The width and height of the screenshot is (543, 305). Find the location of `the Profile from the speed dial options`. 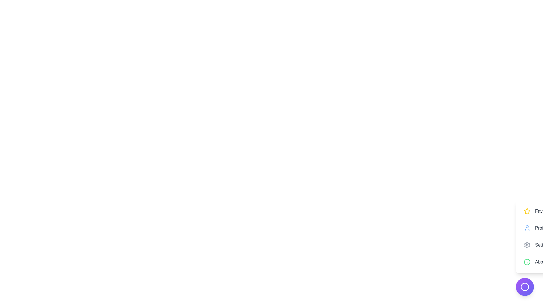

the Profile from the speed dial options is located at coordinates (543, 228).